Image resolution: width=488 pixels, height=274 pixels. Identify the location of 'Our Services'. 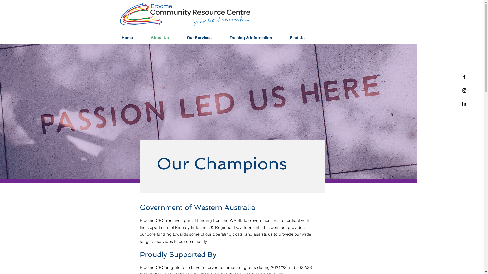
(204, 38).